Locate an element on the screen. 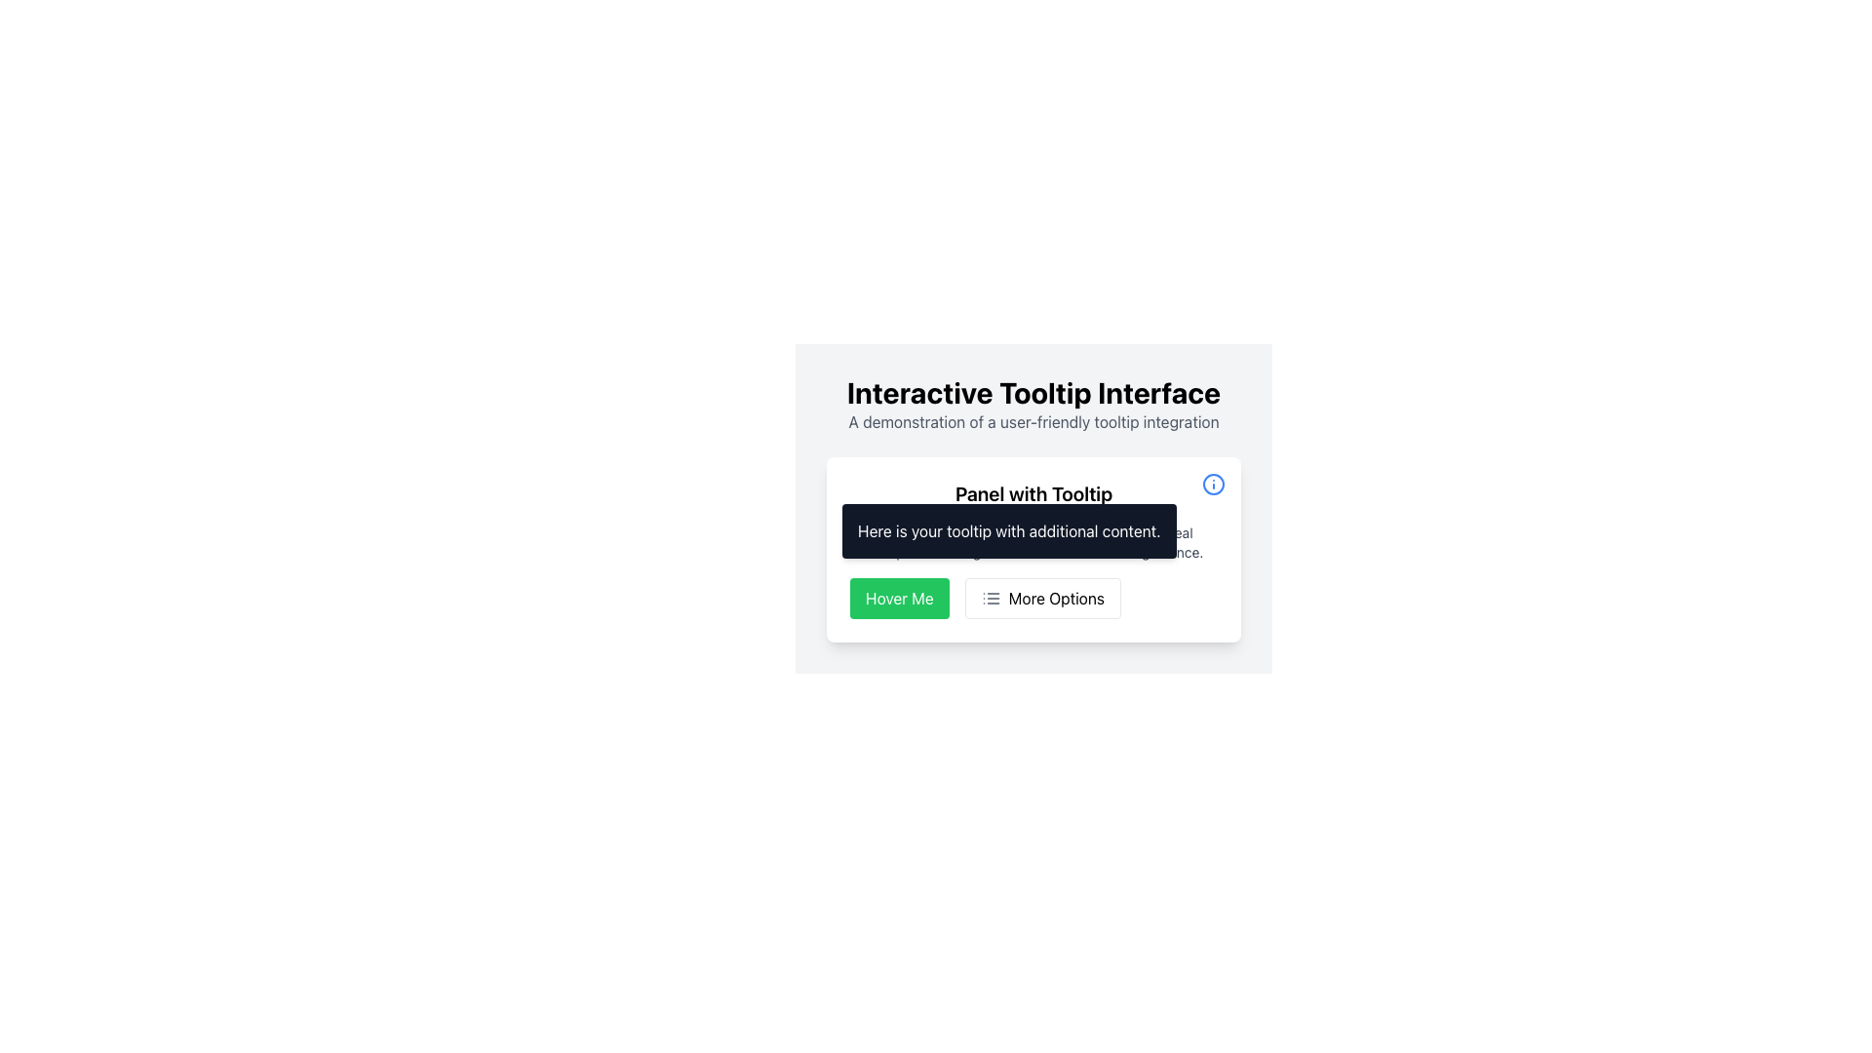  the header titled 'Interactive Tooltip Interface' is located at coordinates (1033, 392).